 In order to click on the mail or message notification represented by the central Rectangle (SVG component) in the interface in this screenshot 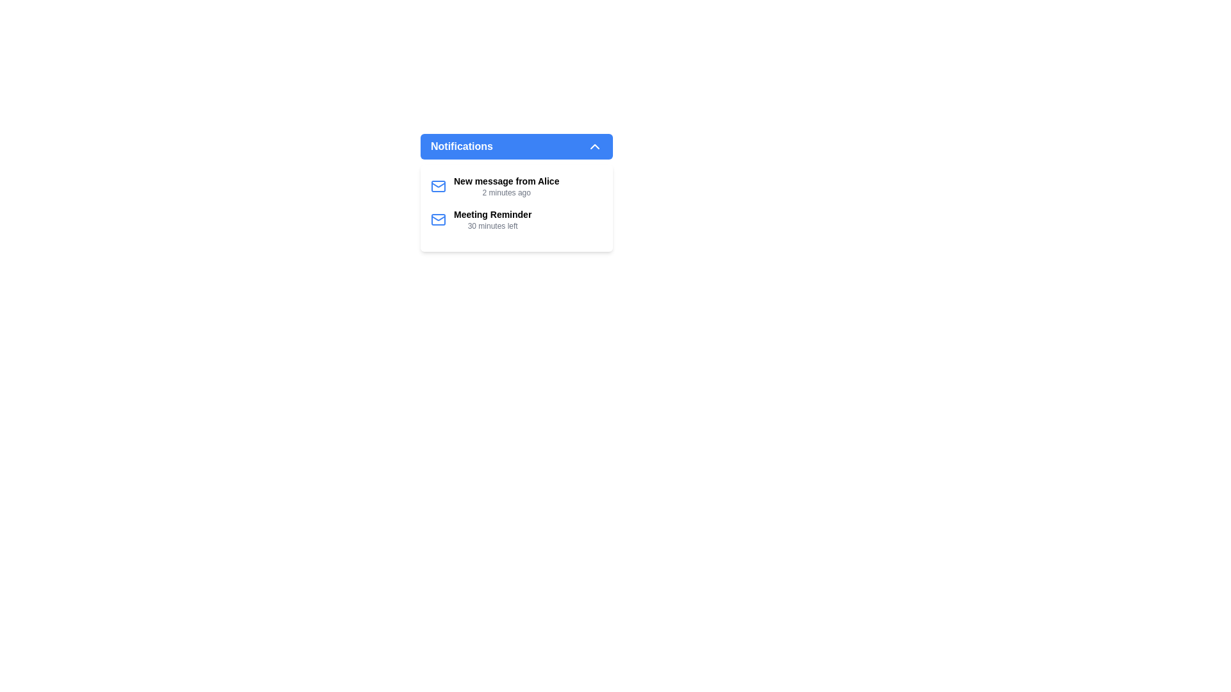, I will do `click(439, 219)`.